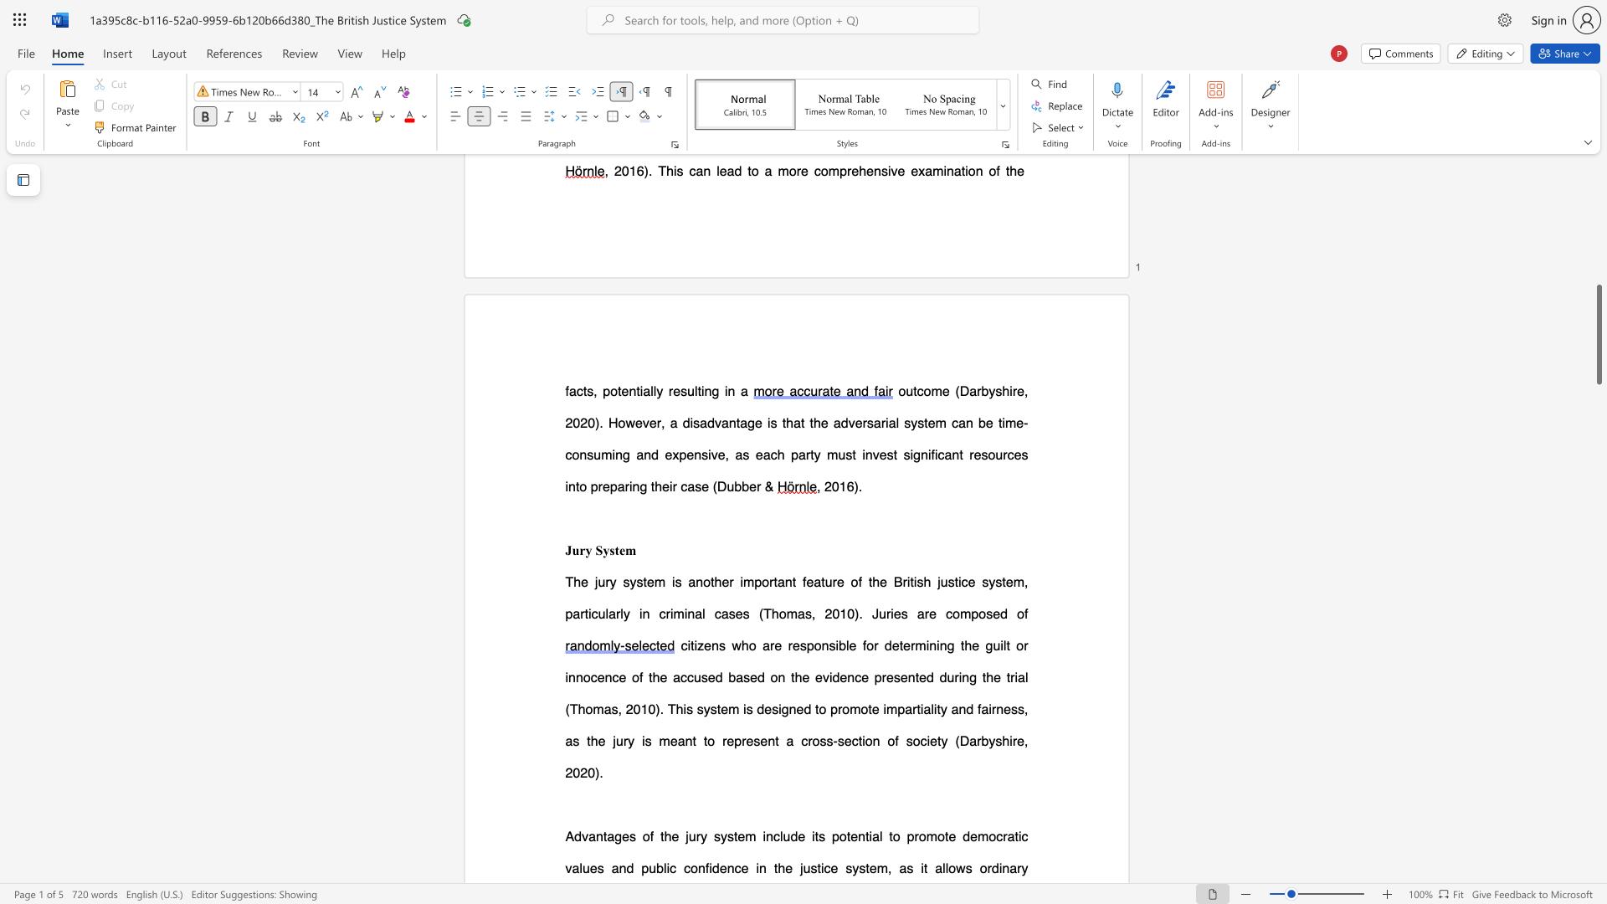 The image size is (1607, 904). What do you see at coordinates (821, 645) in the screenshot?
I see `the subset text "nsible fo" within the text "are responsible for"` at bounding box center [821, 645].